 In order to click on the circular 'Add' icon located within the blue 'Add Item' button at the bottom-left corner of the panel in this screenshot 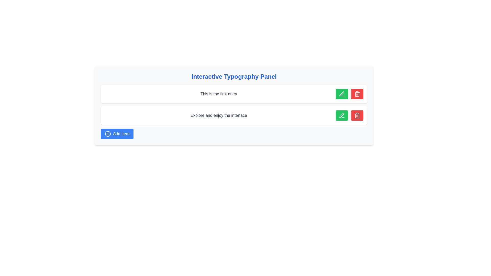, I will do `click(108, 134)`.